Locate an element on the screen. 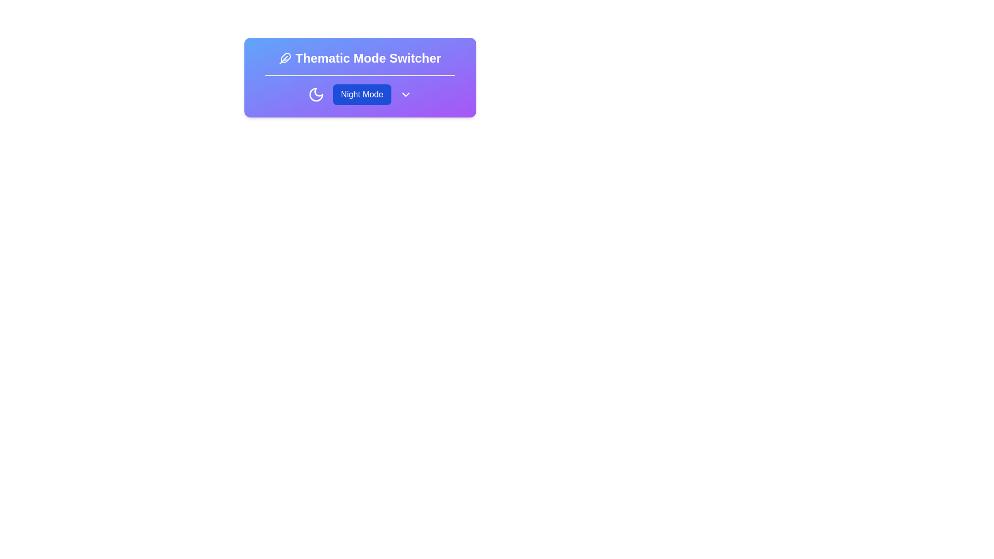 The height and width of the screenshot is (559, 994). the Header with Icon that includes a white feather icon and the text 'Thematic Mode Switcher', located on a gradient background transitioning from blue to purple is located at coordinates (360, 58).